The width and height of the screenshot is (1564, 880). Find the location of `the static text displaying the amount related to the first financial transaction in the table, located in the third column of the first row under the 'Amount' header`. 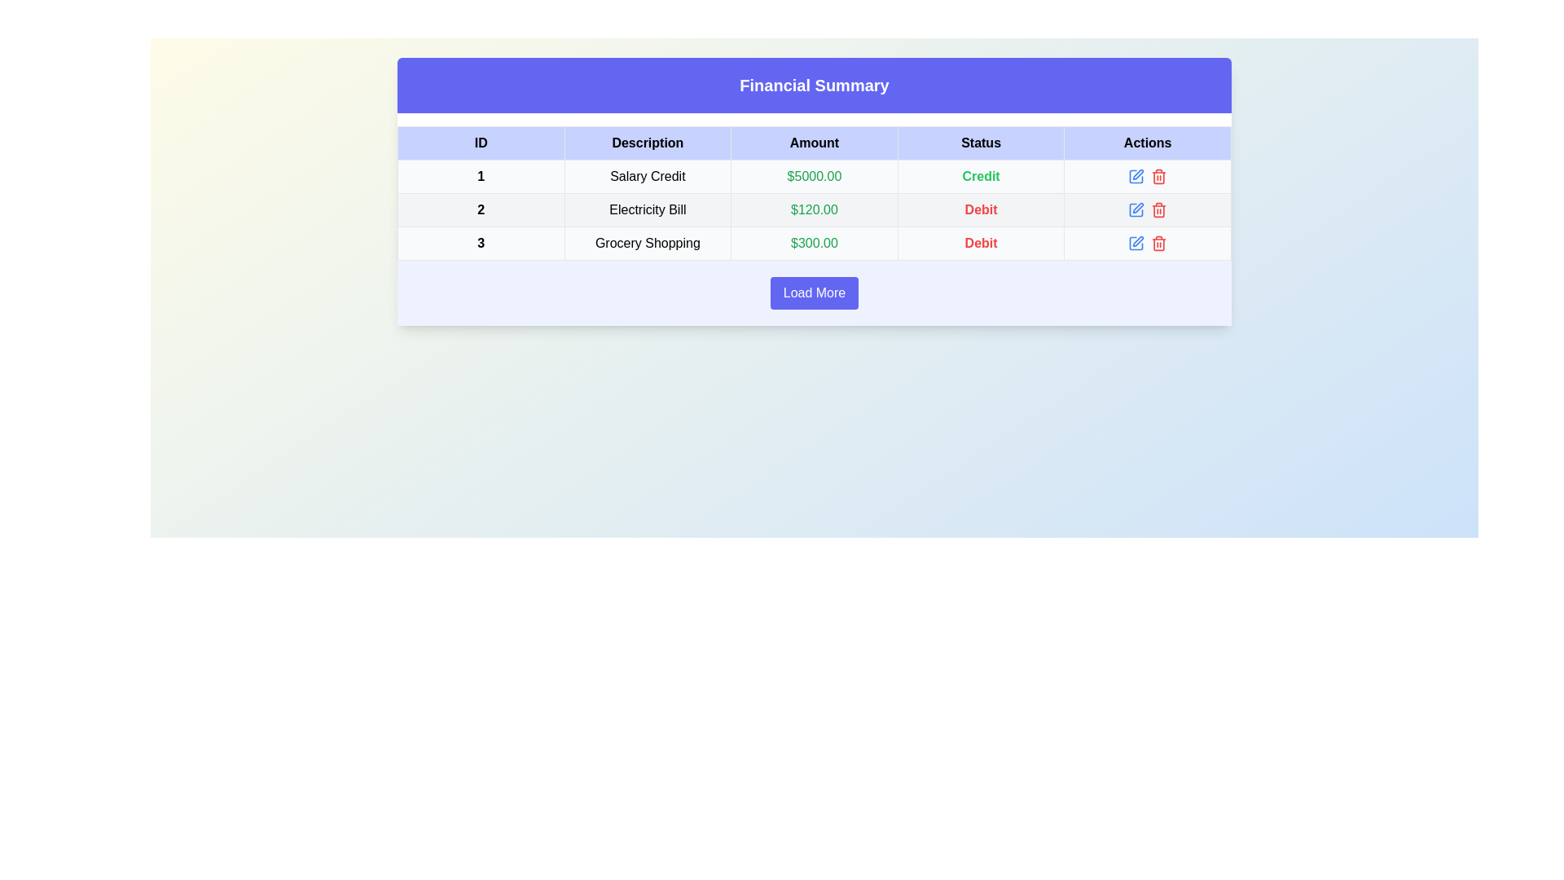

the static text displaying the amount related to the first financial transaction in the table, located in the third column of the first row under the 'Amount' header is located at coordinates (814, 176).